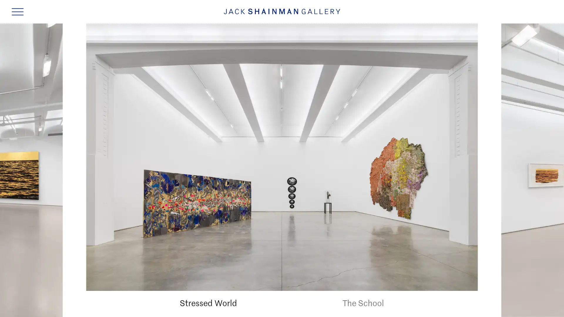  I want to click on SKIP TO MAIN CONTENT, so click(64, 11).